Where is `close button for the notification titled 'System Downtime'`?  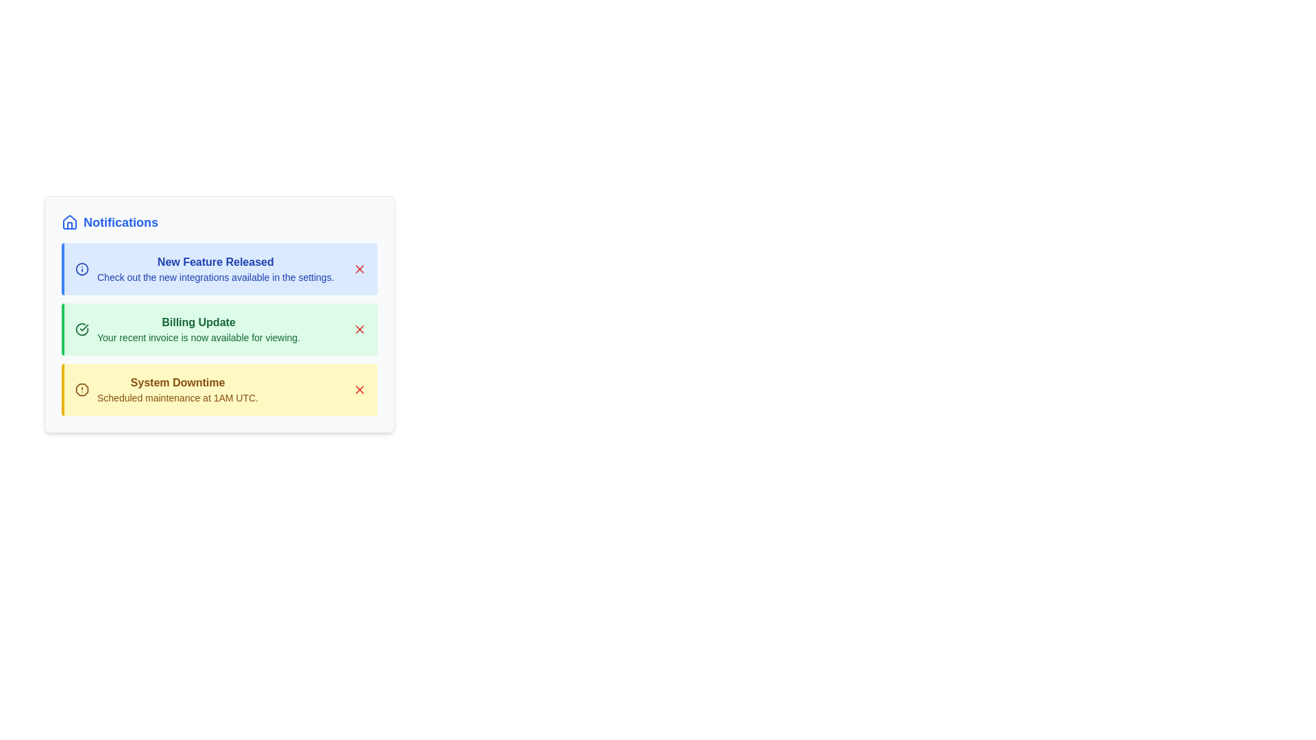 close button for the notification titled 'System Downtime' is located at coordinates (359, 390).